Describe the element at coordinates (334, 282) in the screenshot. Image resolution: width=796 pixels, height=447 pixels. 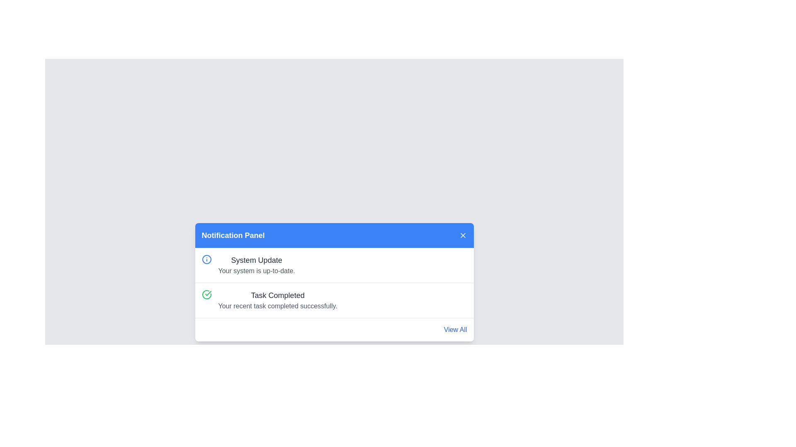
I see `the notification panel that summarizes recent notifications, specifically targeting the 'System Update' or 'Task Completed' sections for further details` at that location.